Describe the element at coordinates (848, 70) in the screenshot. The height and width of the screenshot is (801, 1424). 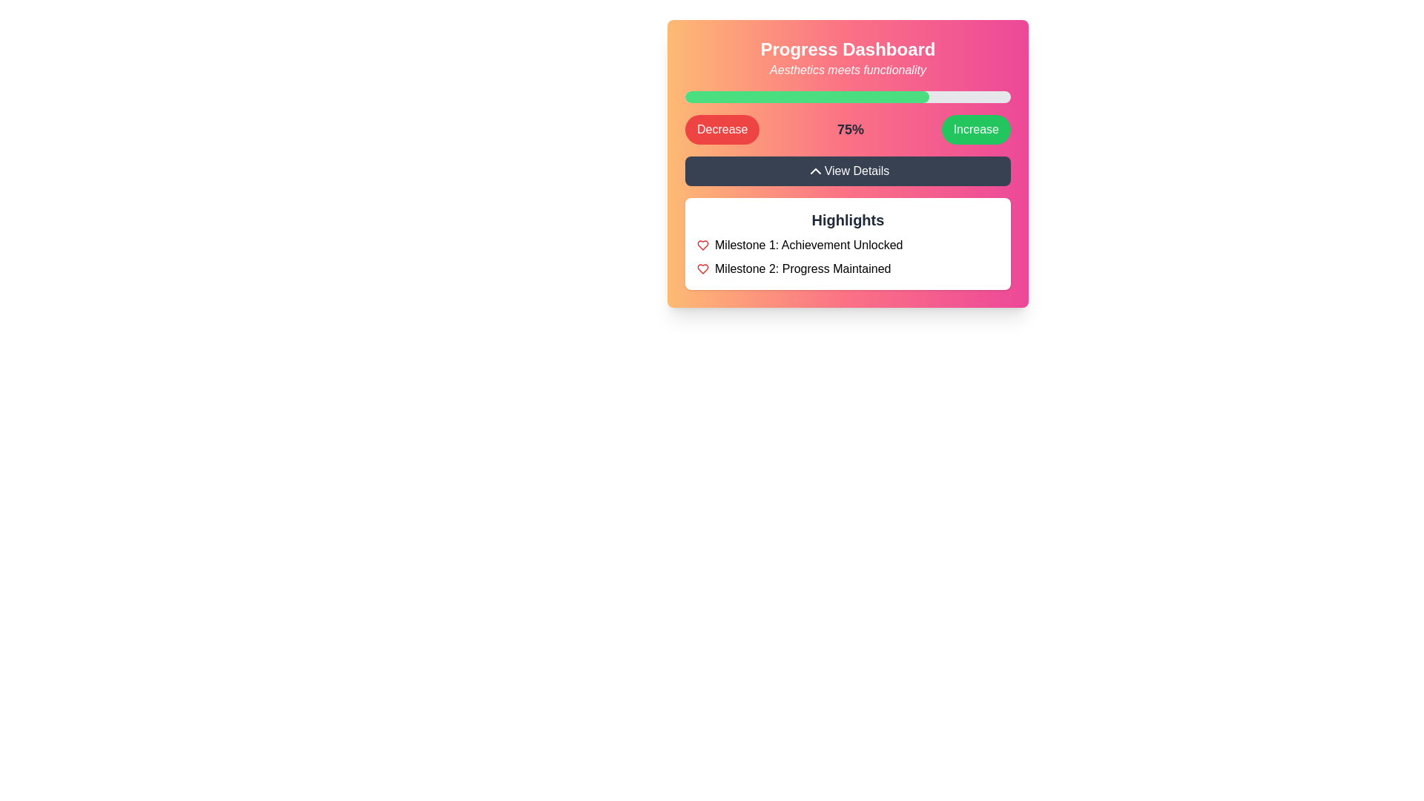
I see `the static text label located directly below the 'Progress Dashboard' text, which is horizontally centered within the header area of the card or panel` at that location.